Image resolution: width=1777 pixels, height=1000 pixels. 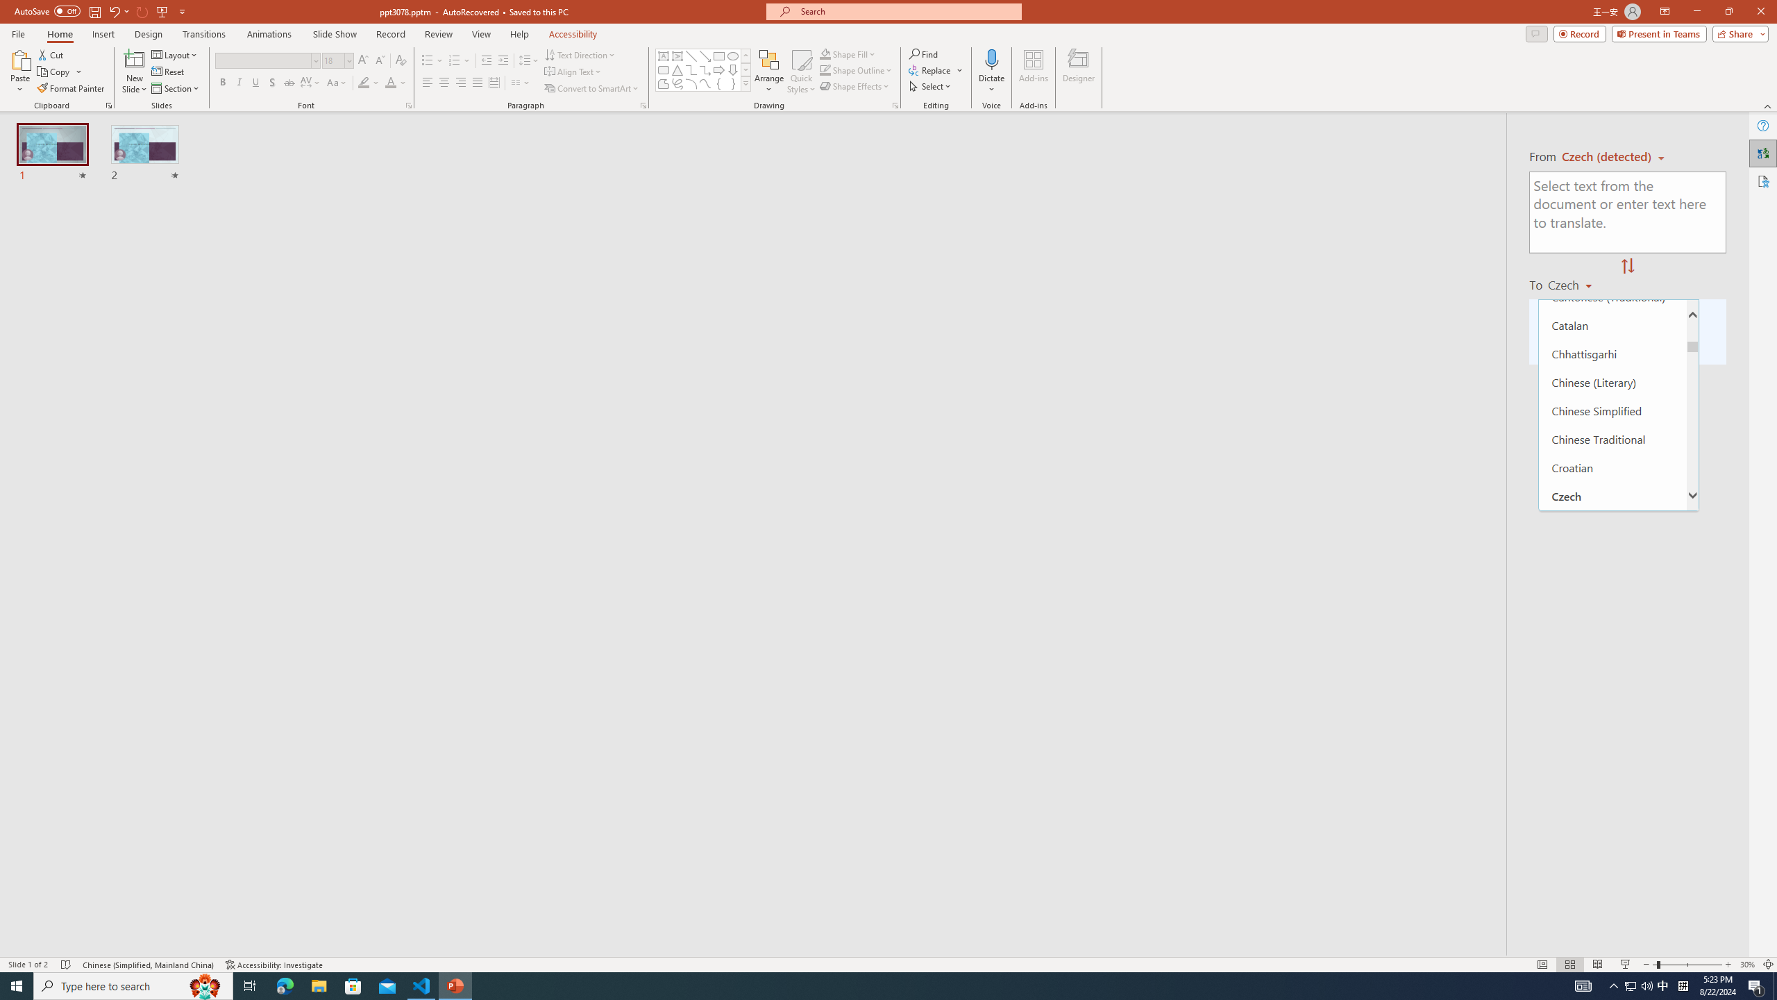 What do you see at coordinates (1612, 438) in the screenshot?
I see `'Chinese Traditional'` at bounding box center [1612, 438].